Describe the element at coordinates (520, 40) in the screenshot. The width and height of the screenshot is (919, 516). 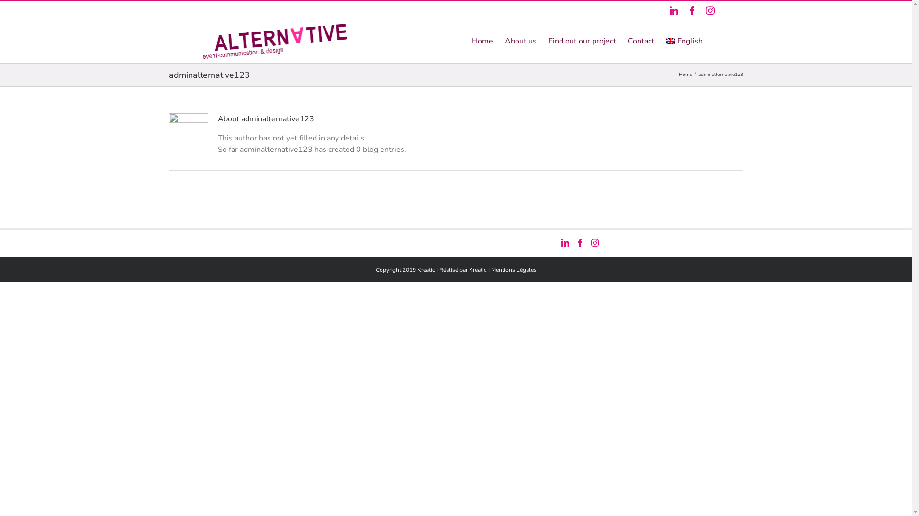
I see `'About us'` at that location.